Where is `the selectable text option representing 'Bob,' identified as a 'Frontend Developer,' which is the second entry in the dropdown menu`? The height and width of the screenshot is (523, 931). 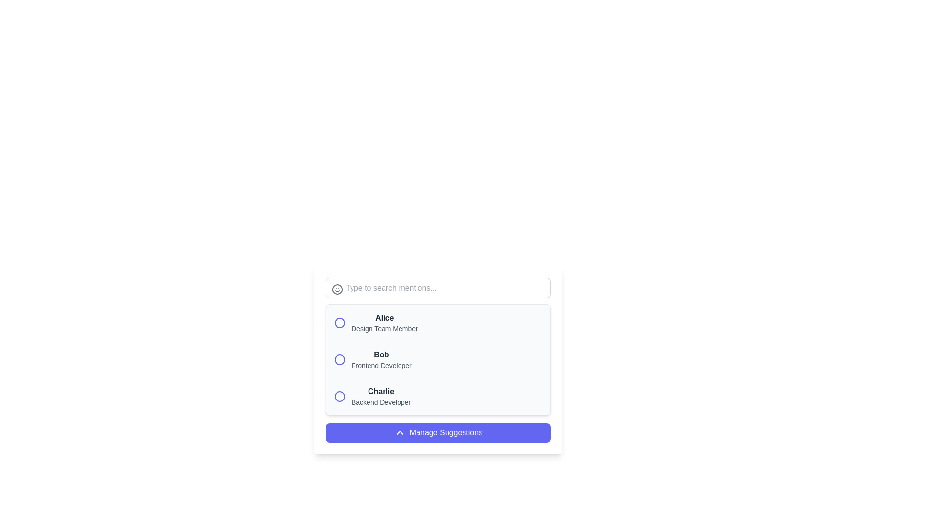 the selectable text option representing 'Bob,' identified as a 'Frontend Developer,' which is the second entry in the dropdown menu is located at coordinates (381, 360).